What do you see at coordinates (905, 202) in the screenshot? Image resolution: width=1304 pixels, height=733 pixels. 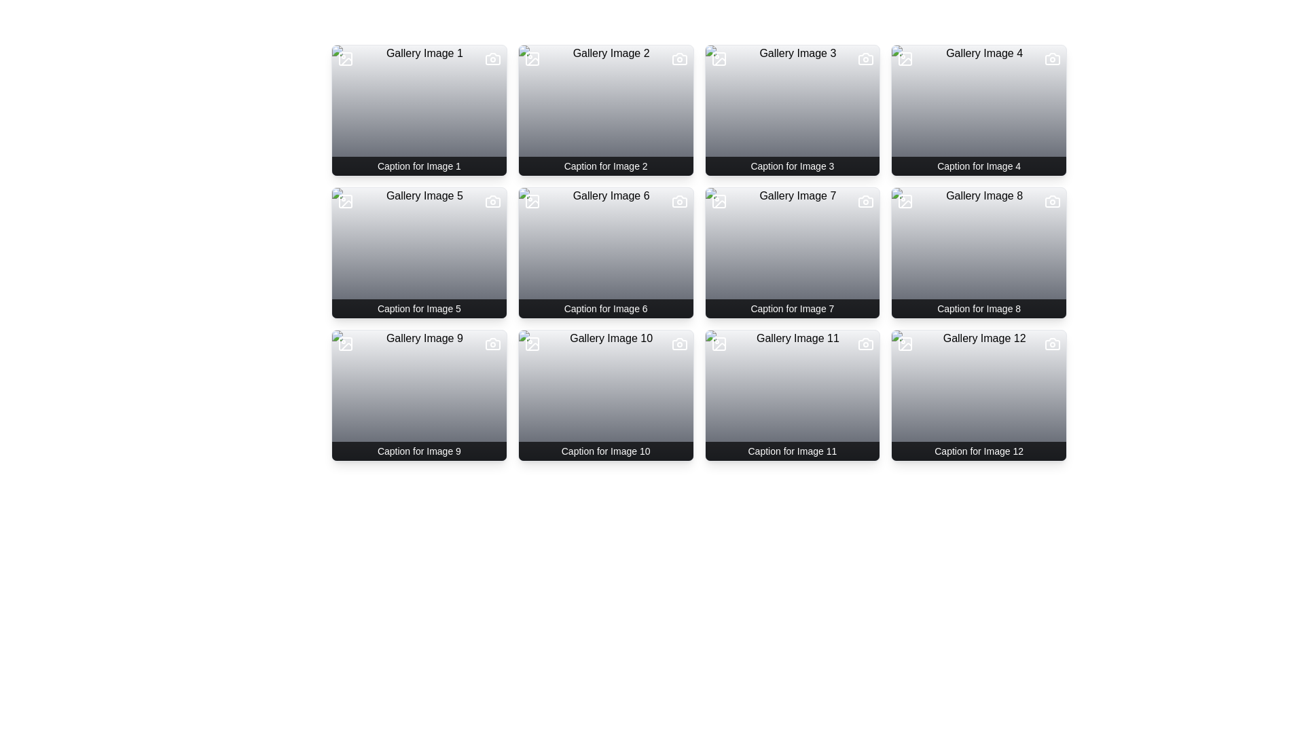 I see `the image placeholder icon located in the top-left corner of the card labeled 'Gallery Image 8'` at bounding box center [905, 202].